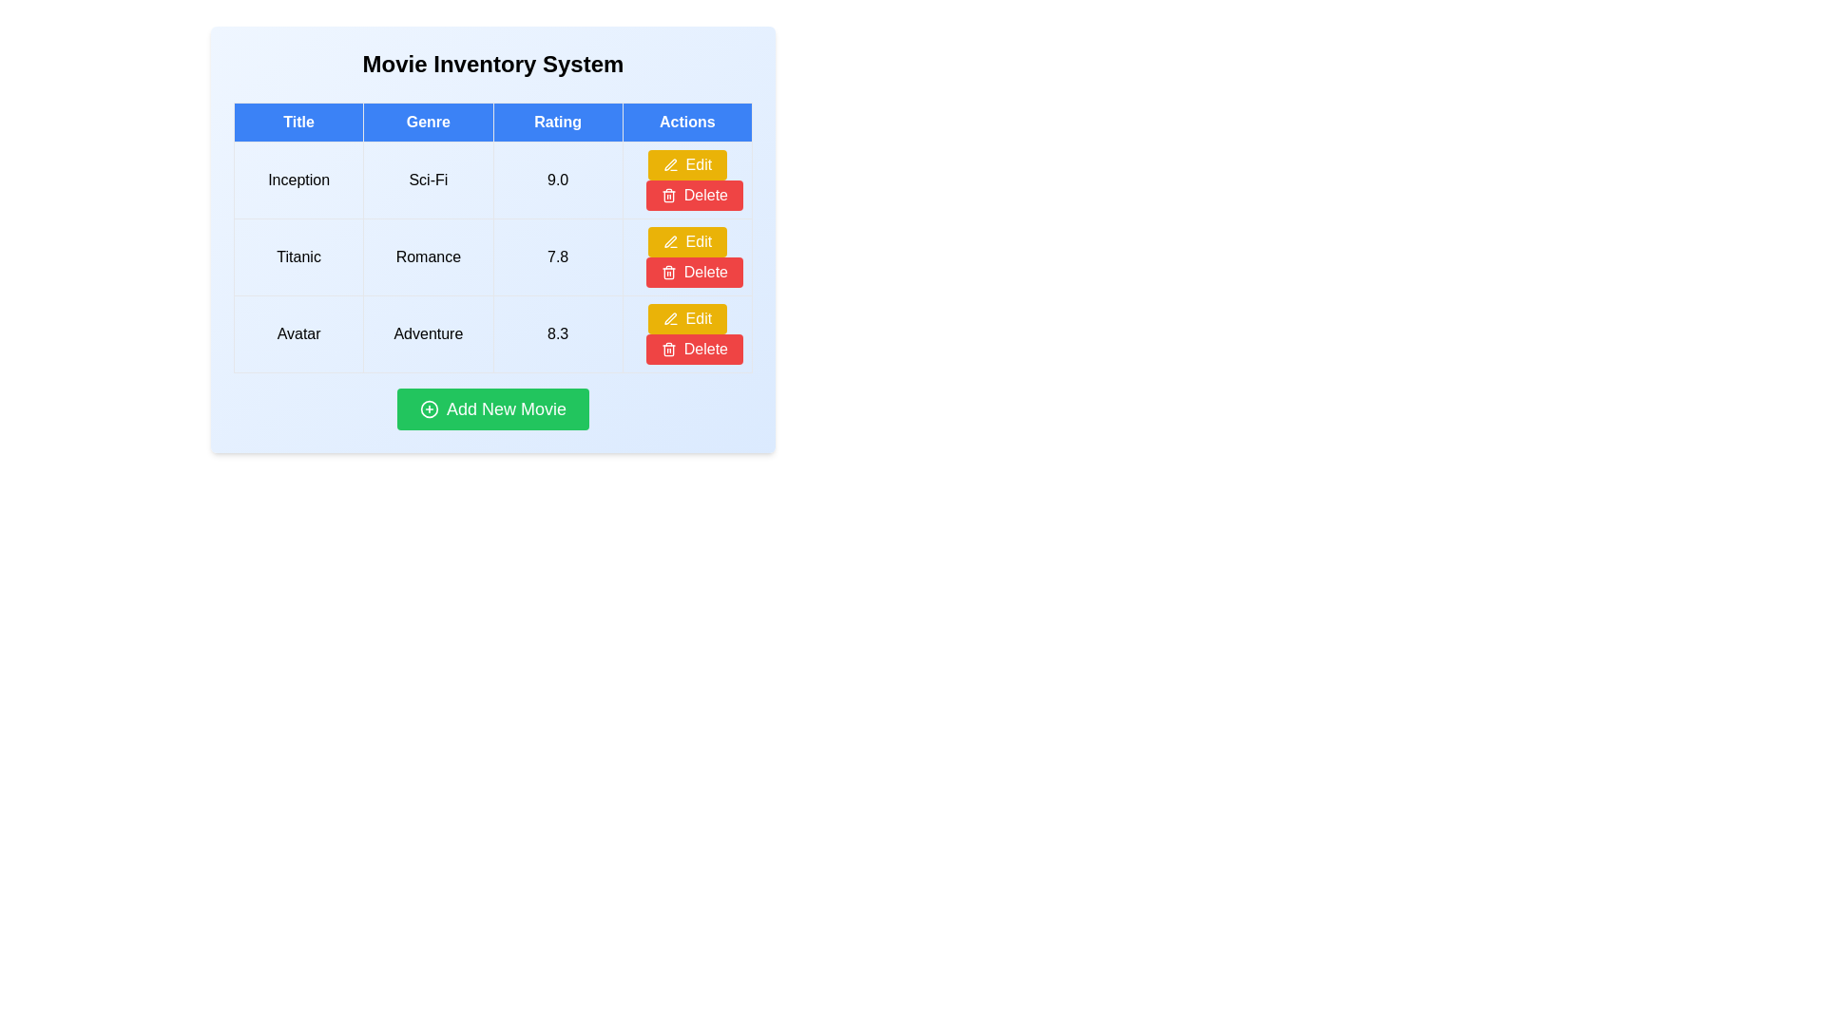  What do you see at coordinates (668, 349) in the screenshot?
I see `the delete icon in the second row of the actions column of the table` at bounding box center [668, 349].